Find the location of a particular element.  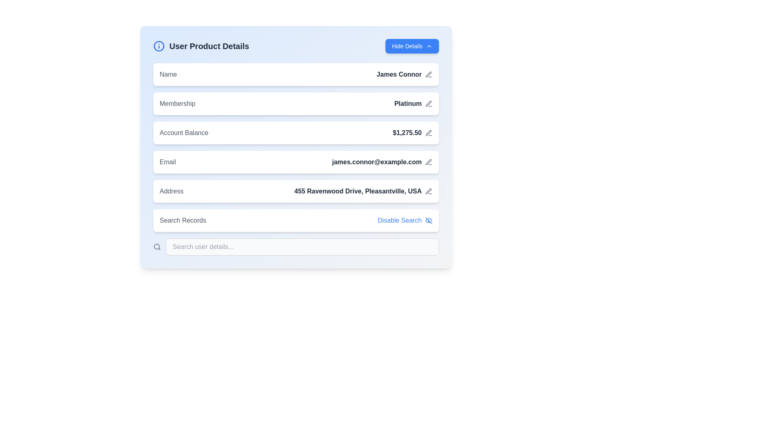

the bold text label displaying 'User Product Details' located near the top of the light blue information panel is located at coordinates (209, 46).